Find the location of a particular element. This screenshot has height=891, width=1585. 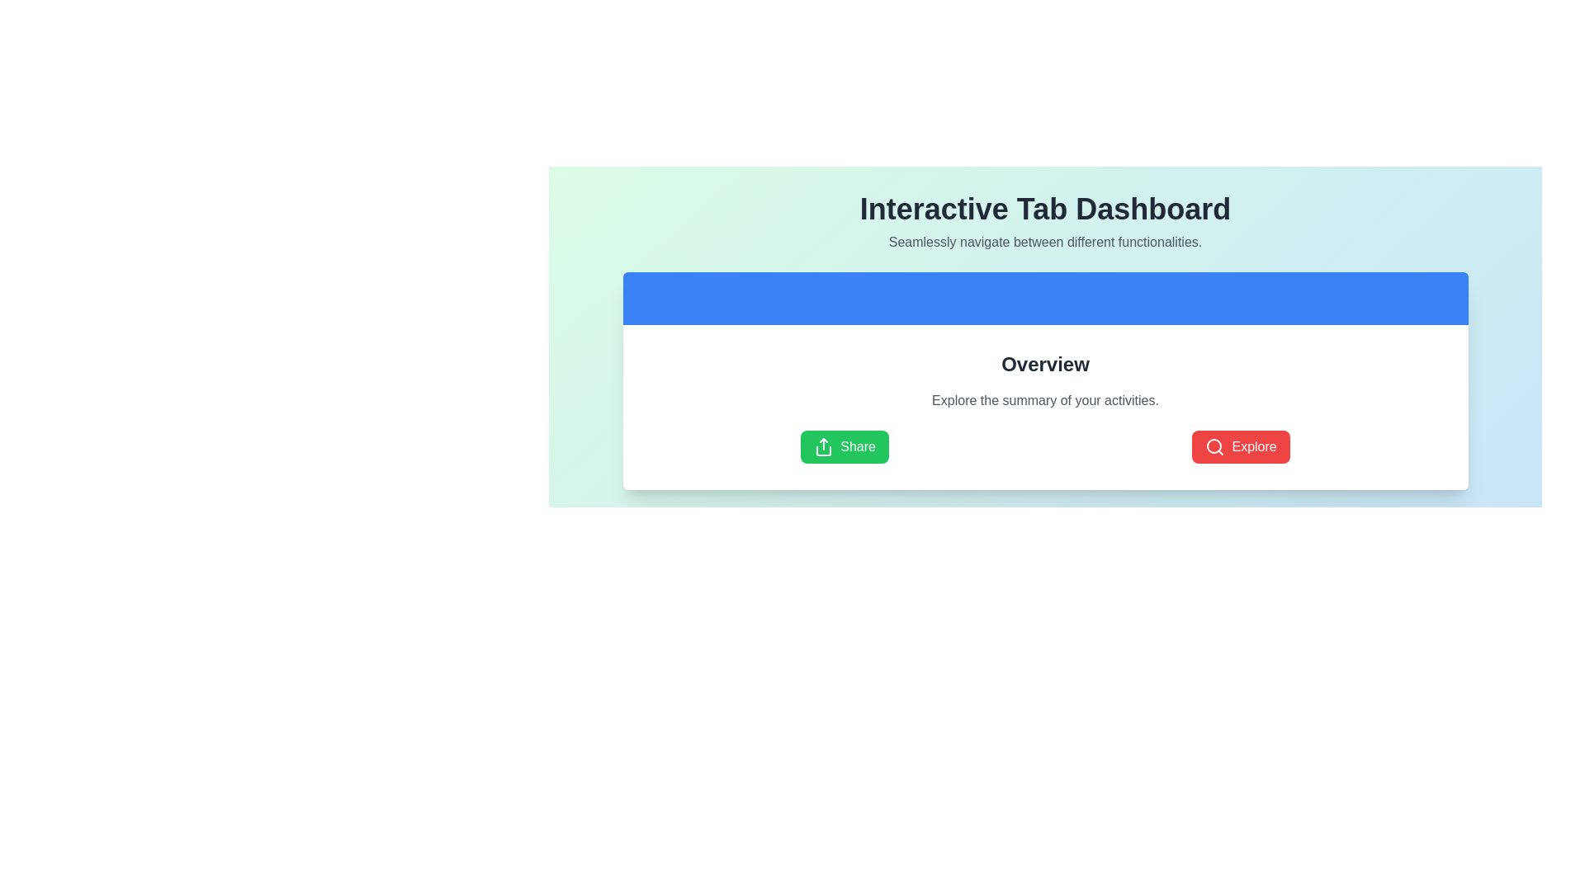

the instructional text element located beneath the blue header and above the buttons 'Share' and 'Explore' is located at coordinates (1044, 401).